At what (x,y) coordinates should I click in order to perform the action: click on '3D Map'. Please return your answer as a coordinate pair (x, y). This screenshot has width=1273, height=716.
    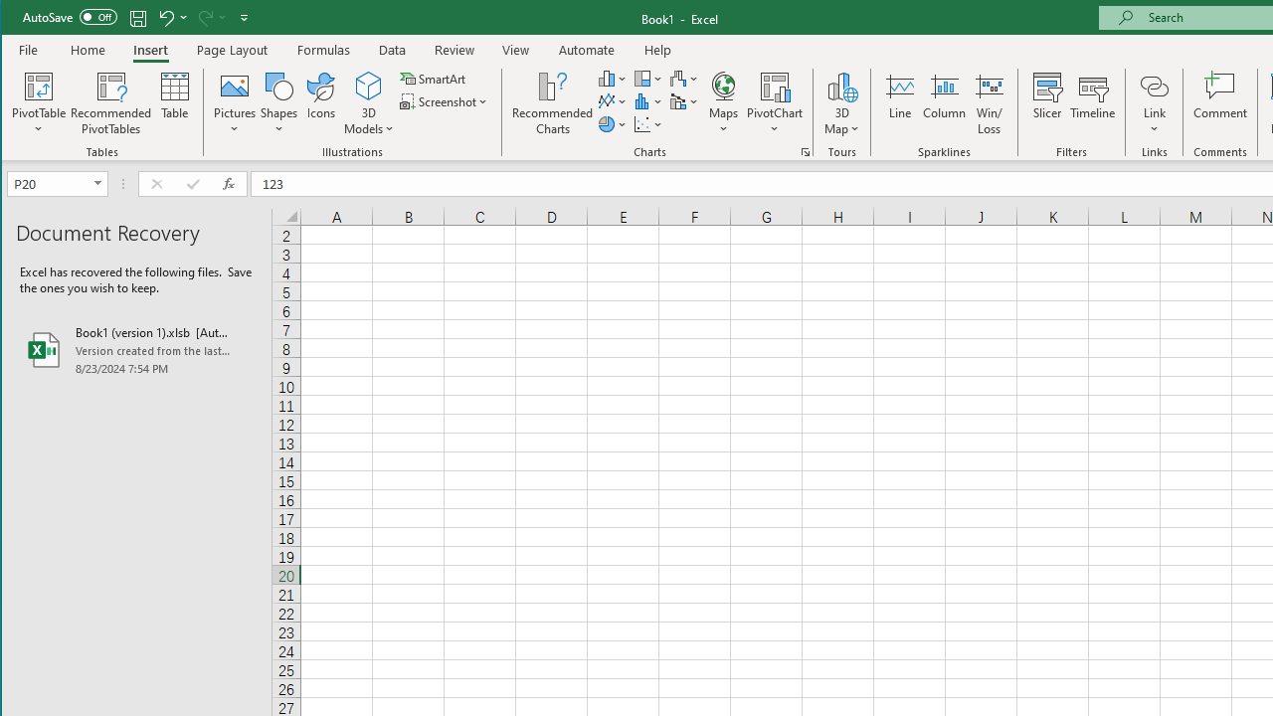
    Looking at the image, I should click on (841, 103).